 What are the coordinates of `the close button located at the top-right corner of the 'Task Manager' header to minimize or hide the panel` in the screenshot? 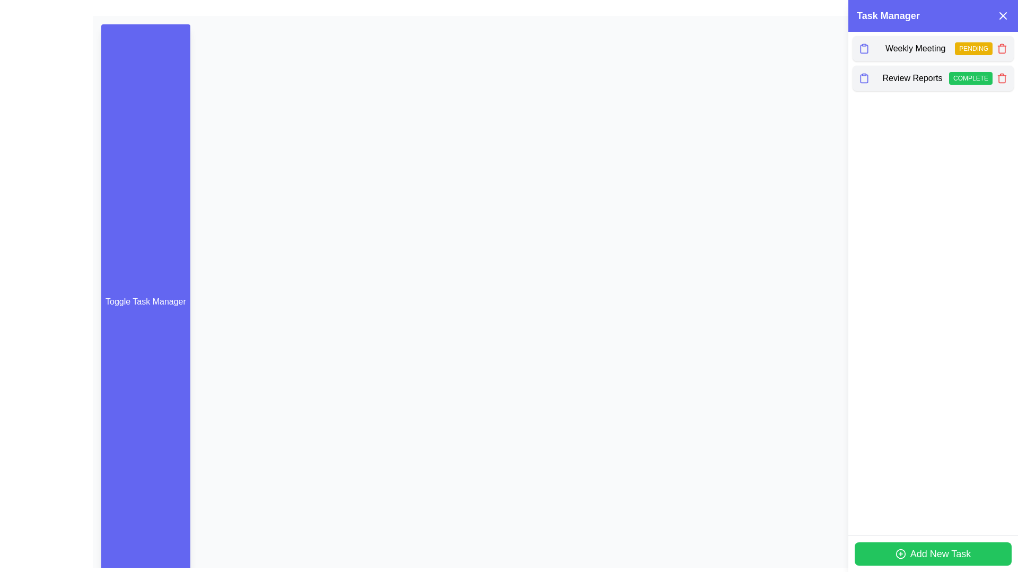 It's located at (1002, 16).